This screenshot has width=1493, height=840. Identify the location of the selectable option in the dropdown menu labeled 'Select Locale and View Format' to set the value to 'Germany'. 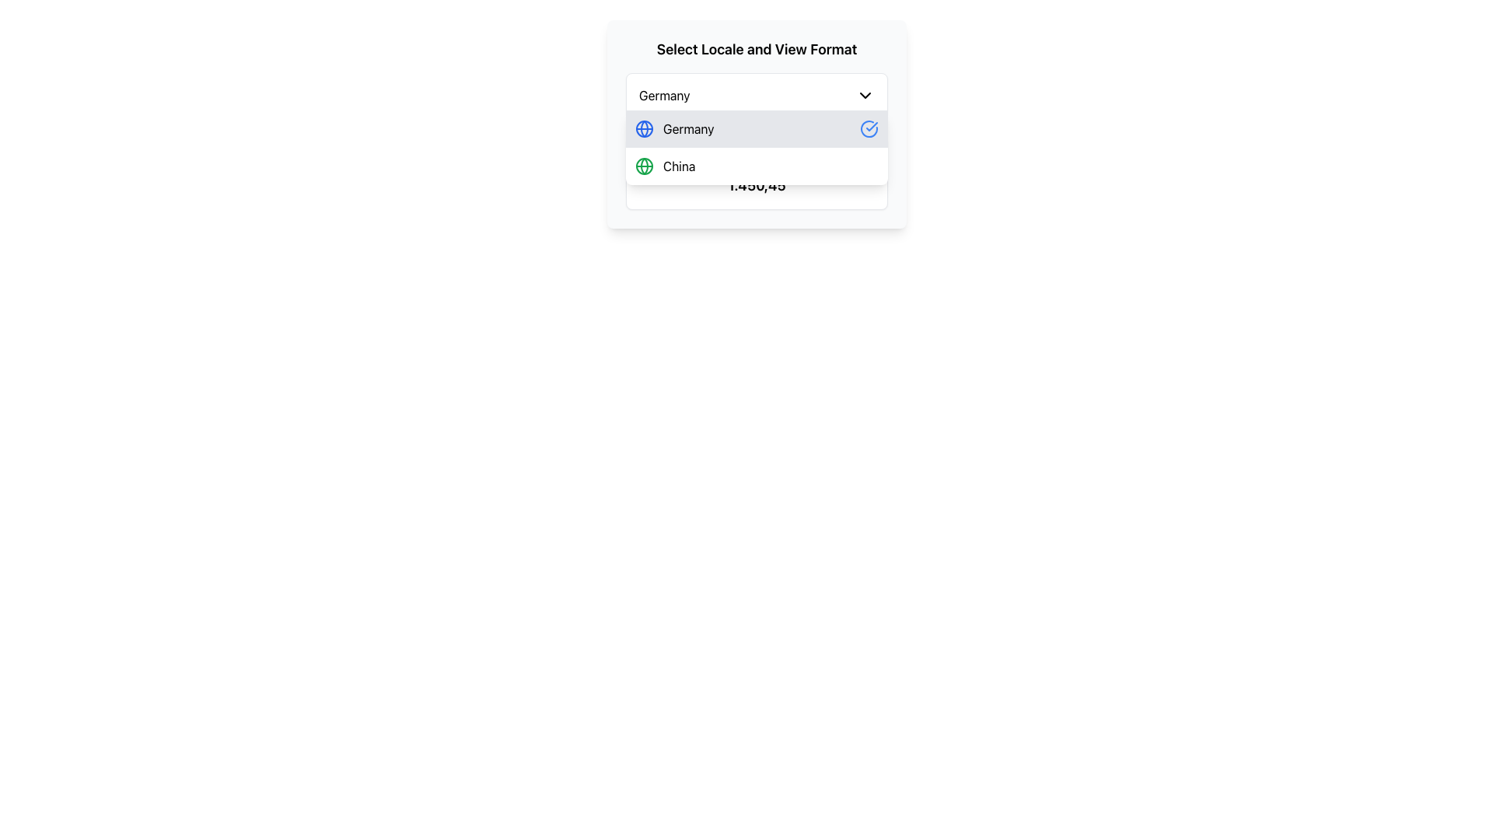
(664, 96).